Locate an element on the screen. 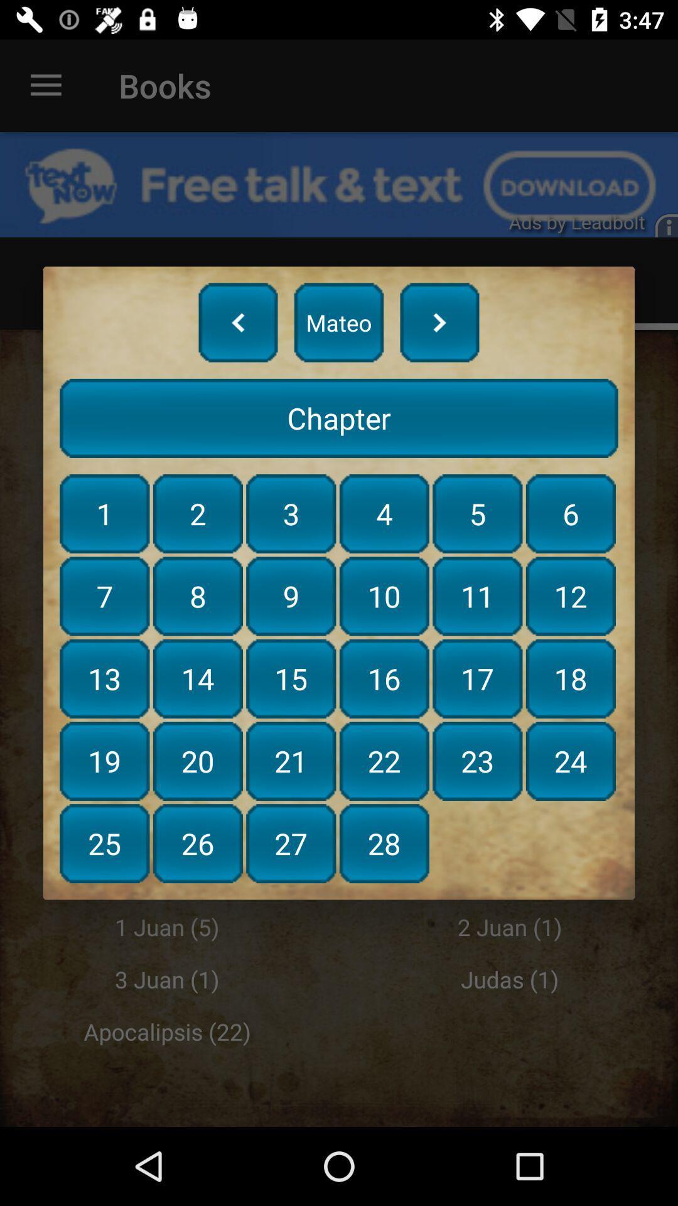 The image size is (678, 1206). page forward is located at coordinates (439, 322).